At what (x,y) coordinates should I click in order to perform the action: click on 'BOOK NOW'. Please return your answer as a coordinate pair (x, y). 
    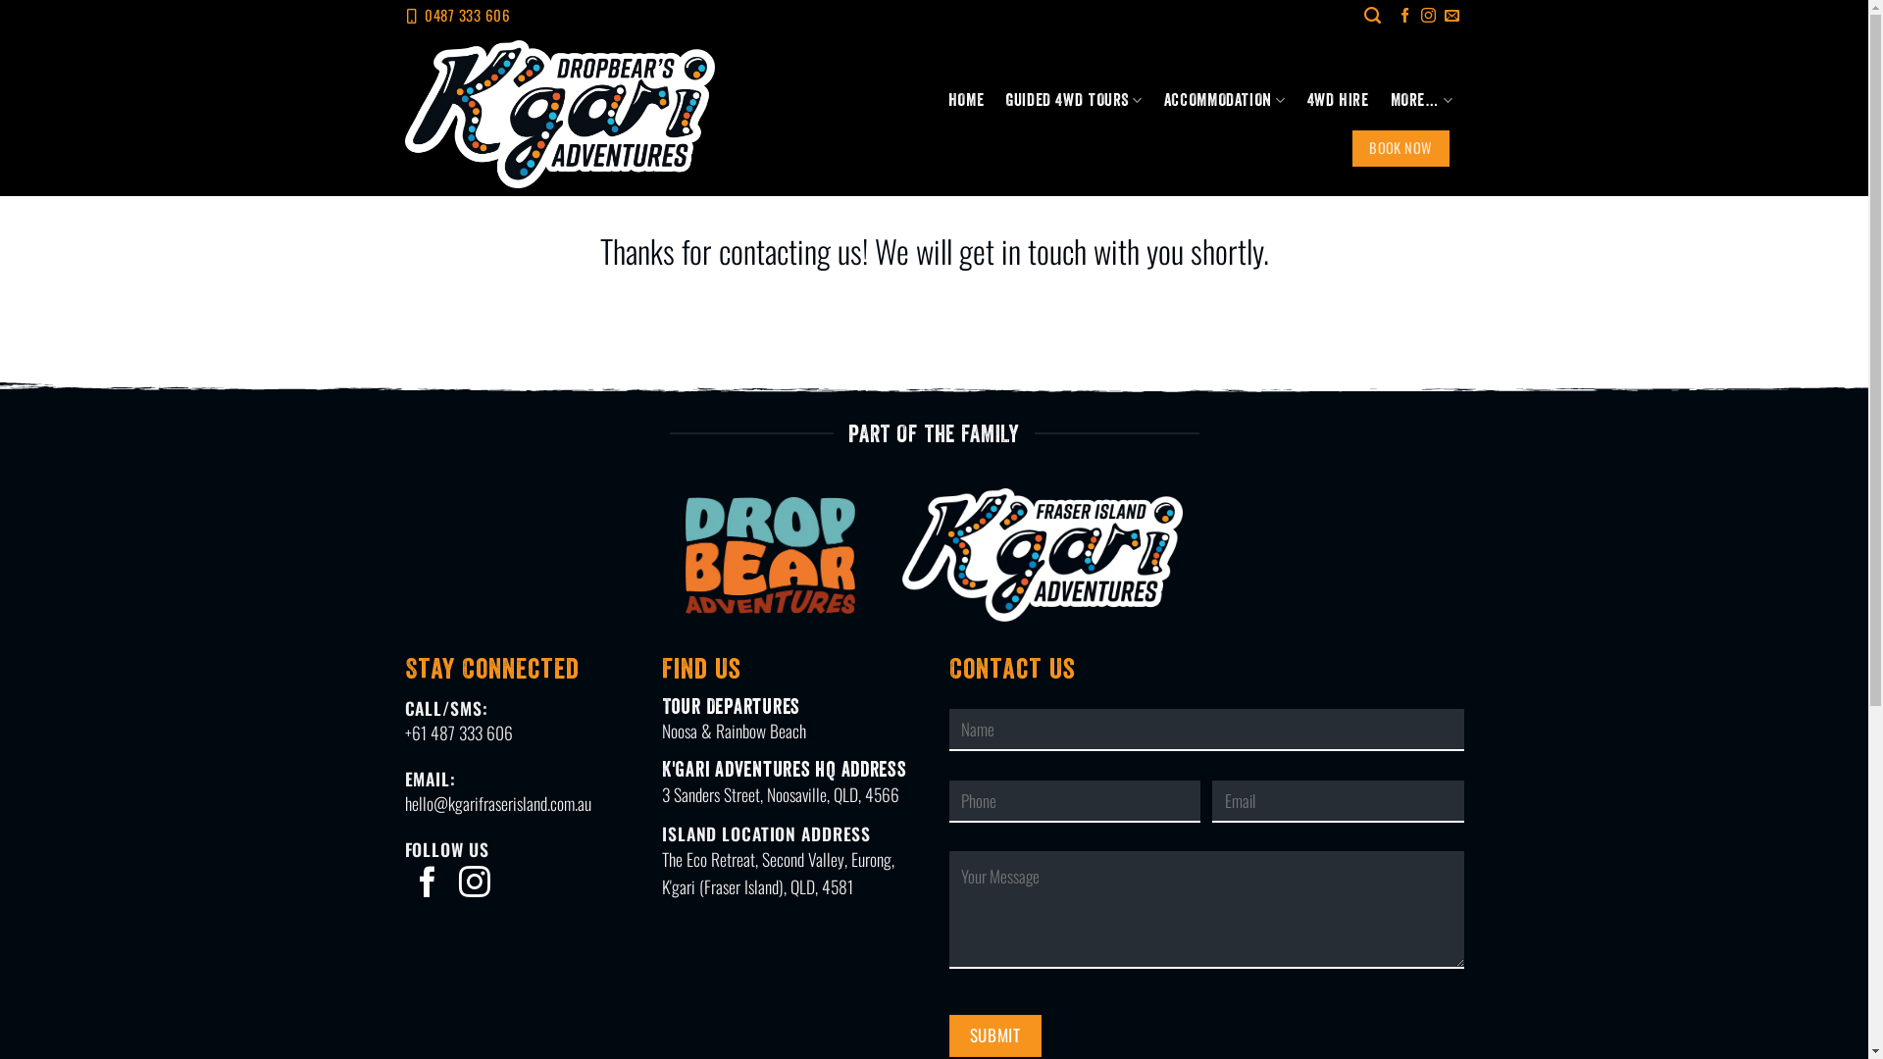
    Looking at the image, I should click on (1400, 146).